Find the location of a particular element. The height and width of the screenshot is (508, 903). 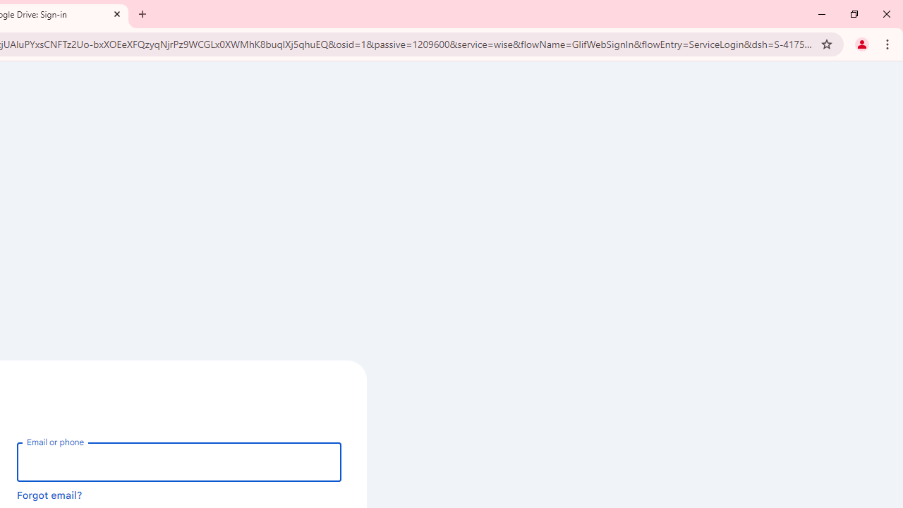

'New Tab' is located at coordinates (143, 14).